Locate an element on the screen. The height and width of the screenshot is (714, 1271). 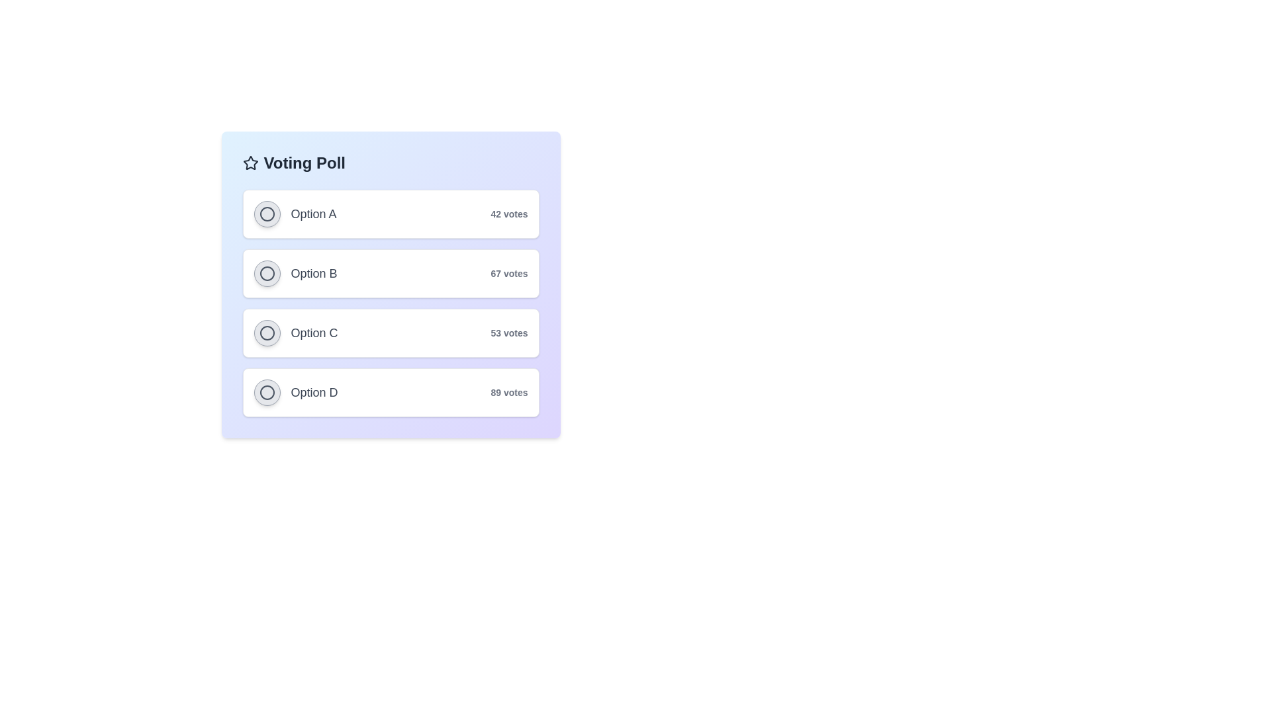
the selectable voting option labeled 'Option B' to provide additional visual feedback is located at coordinates (390, 272).